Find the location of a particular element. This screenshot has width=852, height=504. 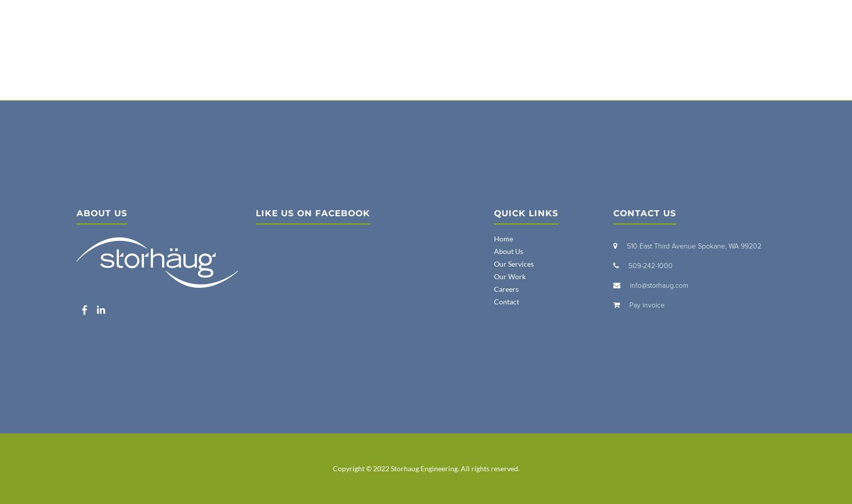

'ABOUT US' is located at coordinates (76, 213).